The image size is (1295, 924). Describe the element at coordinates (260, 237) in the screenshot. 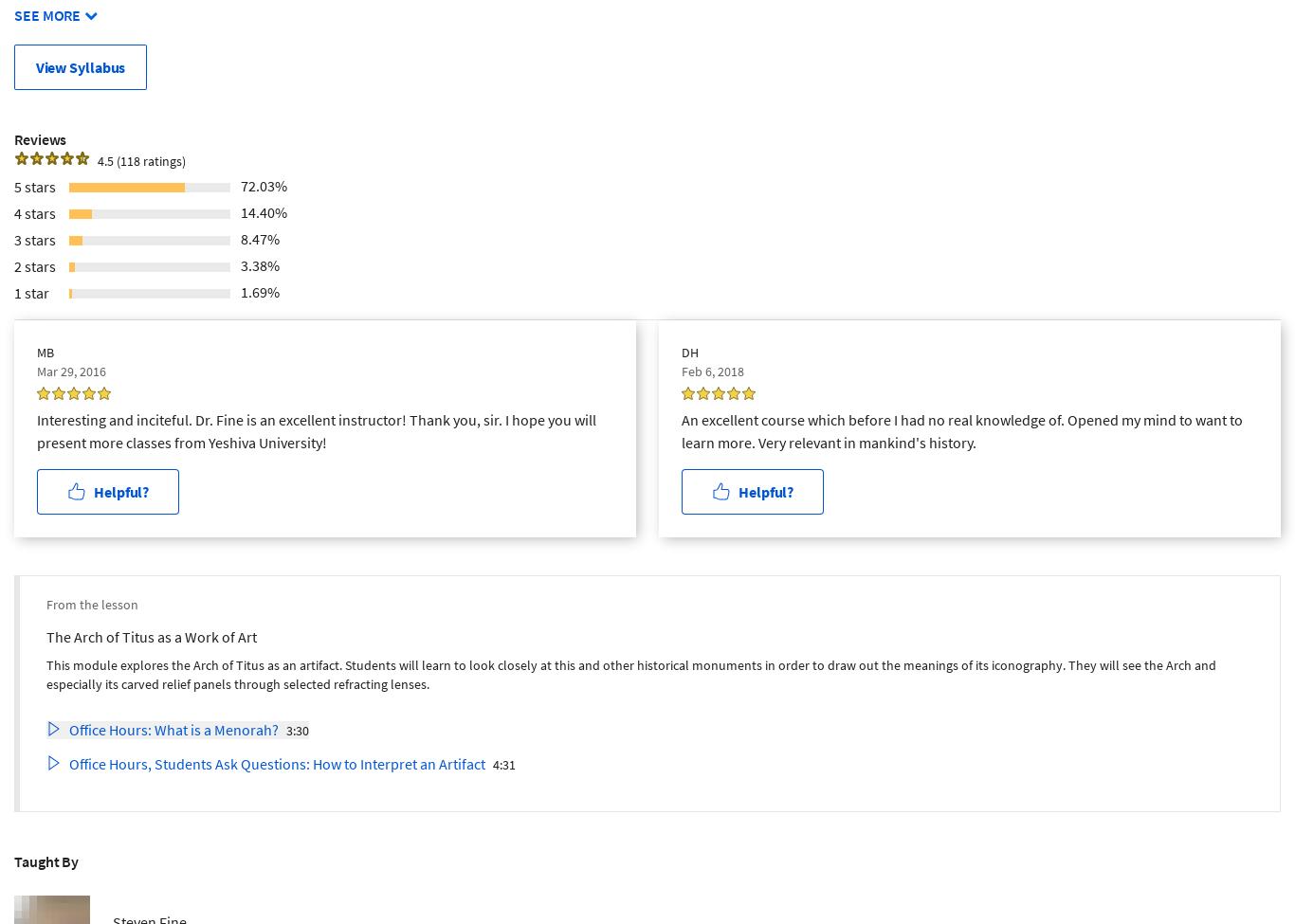

I see `'8.47%'` at that location.